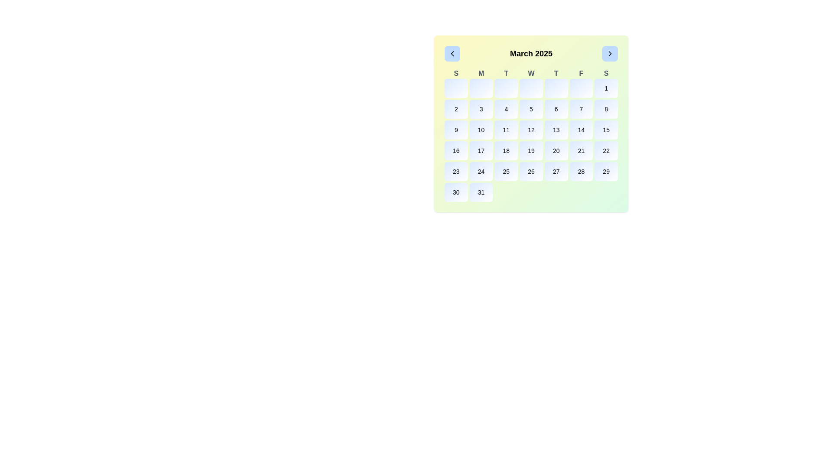  What do you see at coordinates (556, 73) in the screenshot?
I see `the gray character 'T' in the days of the week row, which is the fifth item in the row, located under the title 'March 2025'` at bounding box center [556, 73].